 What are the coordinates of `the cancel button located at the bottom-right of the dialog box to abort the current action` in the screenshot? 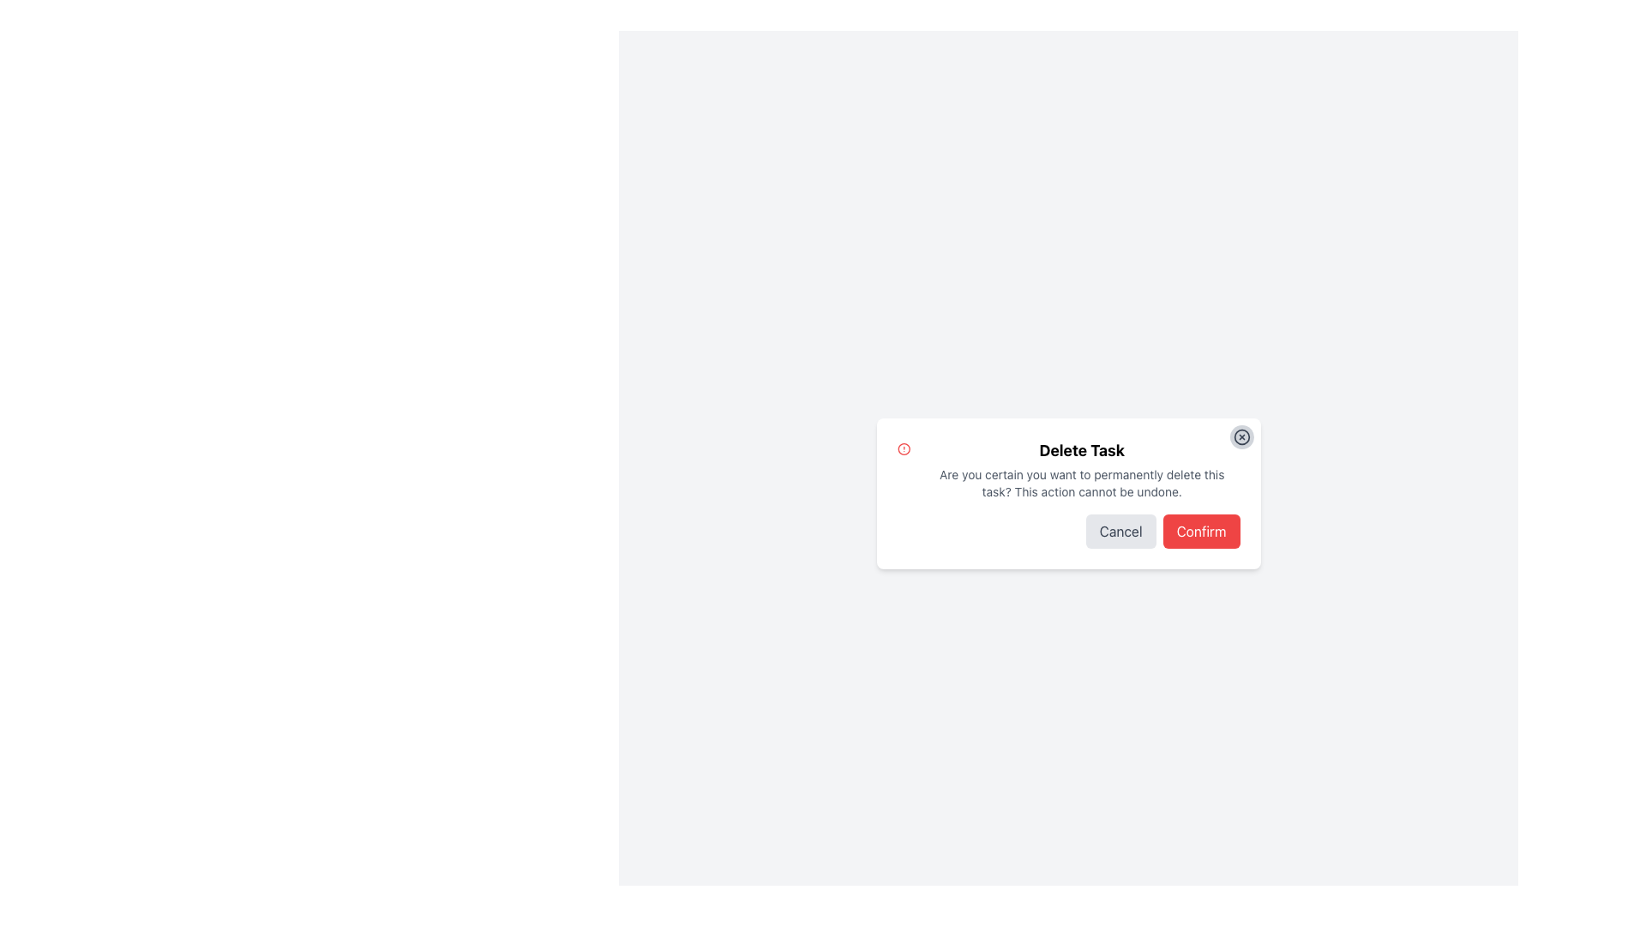 It's located at (1120, 531).